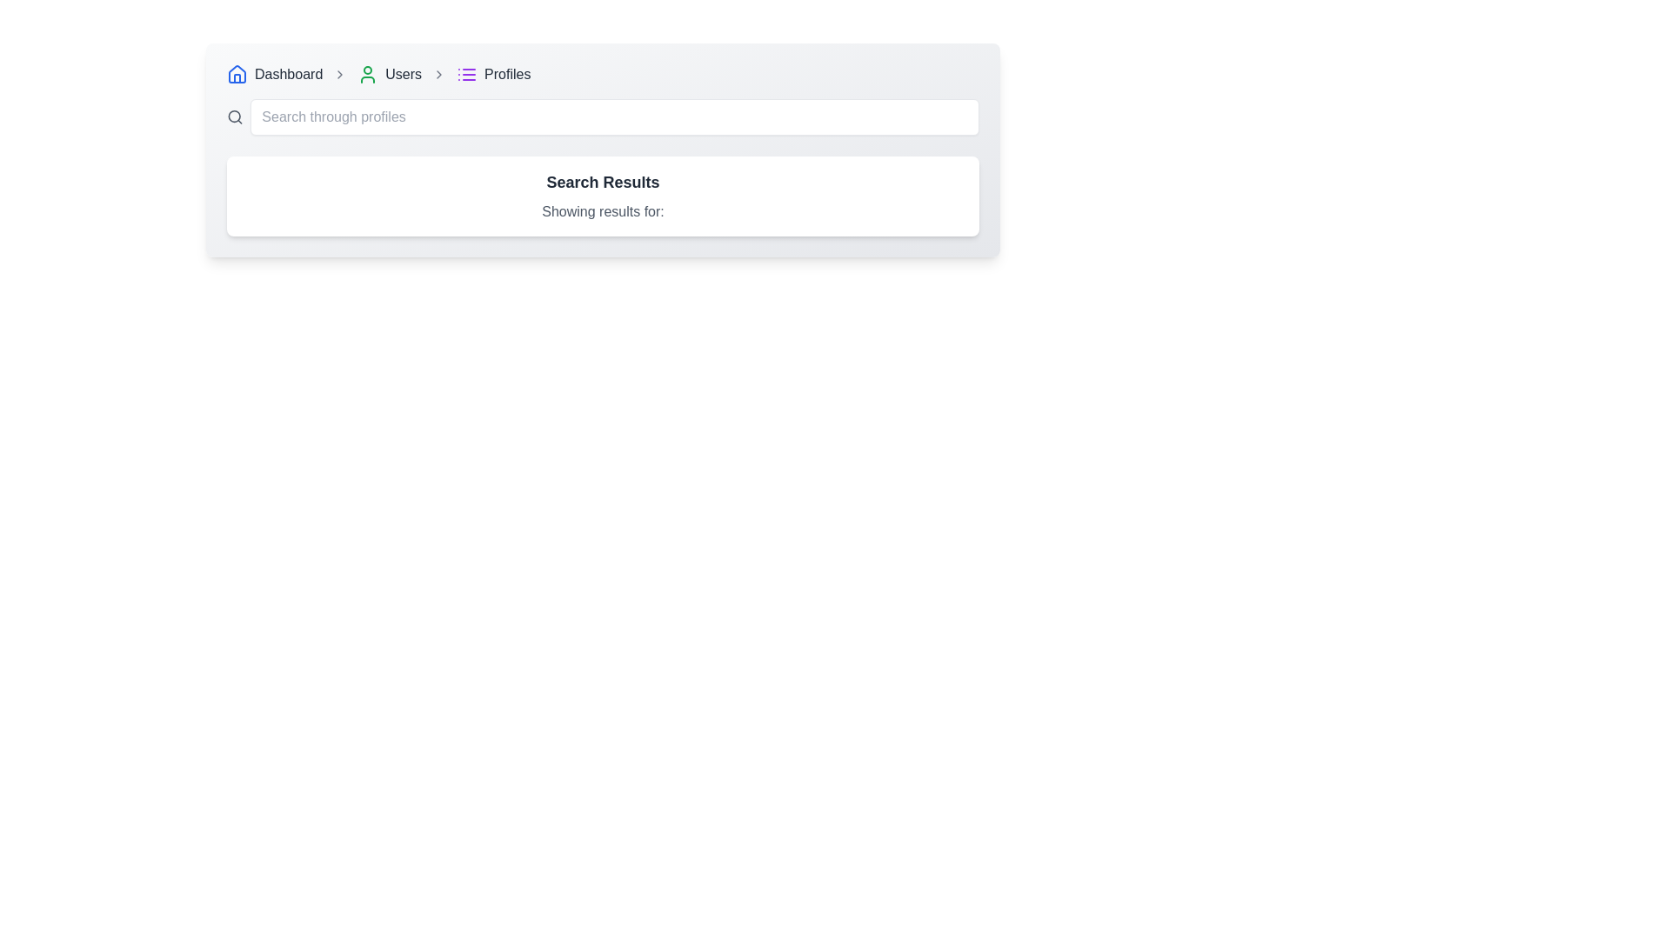  Describe the element at coordinates (603, 182) in the screenshot. I see `the bold title text label that reads 'Search Results', which is centrally located above the text 'Showing results for:' in the main content area` at that location.